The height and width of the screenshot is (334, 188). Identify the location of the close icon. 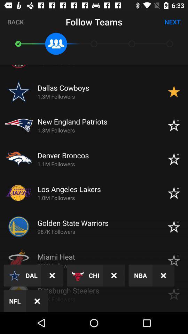
(52, 276).